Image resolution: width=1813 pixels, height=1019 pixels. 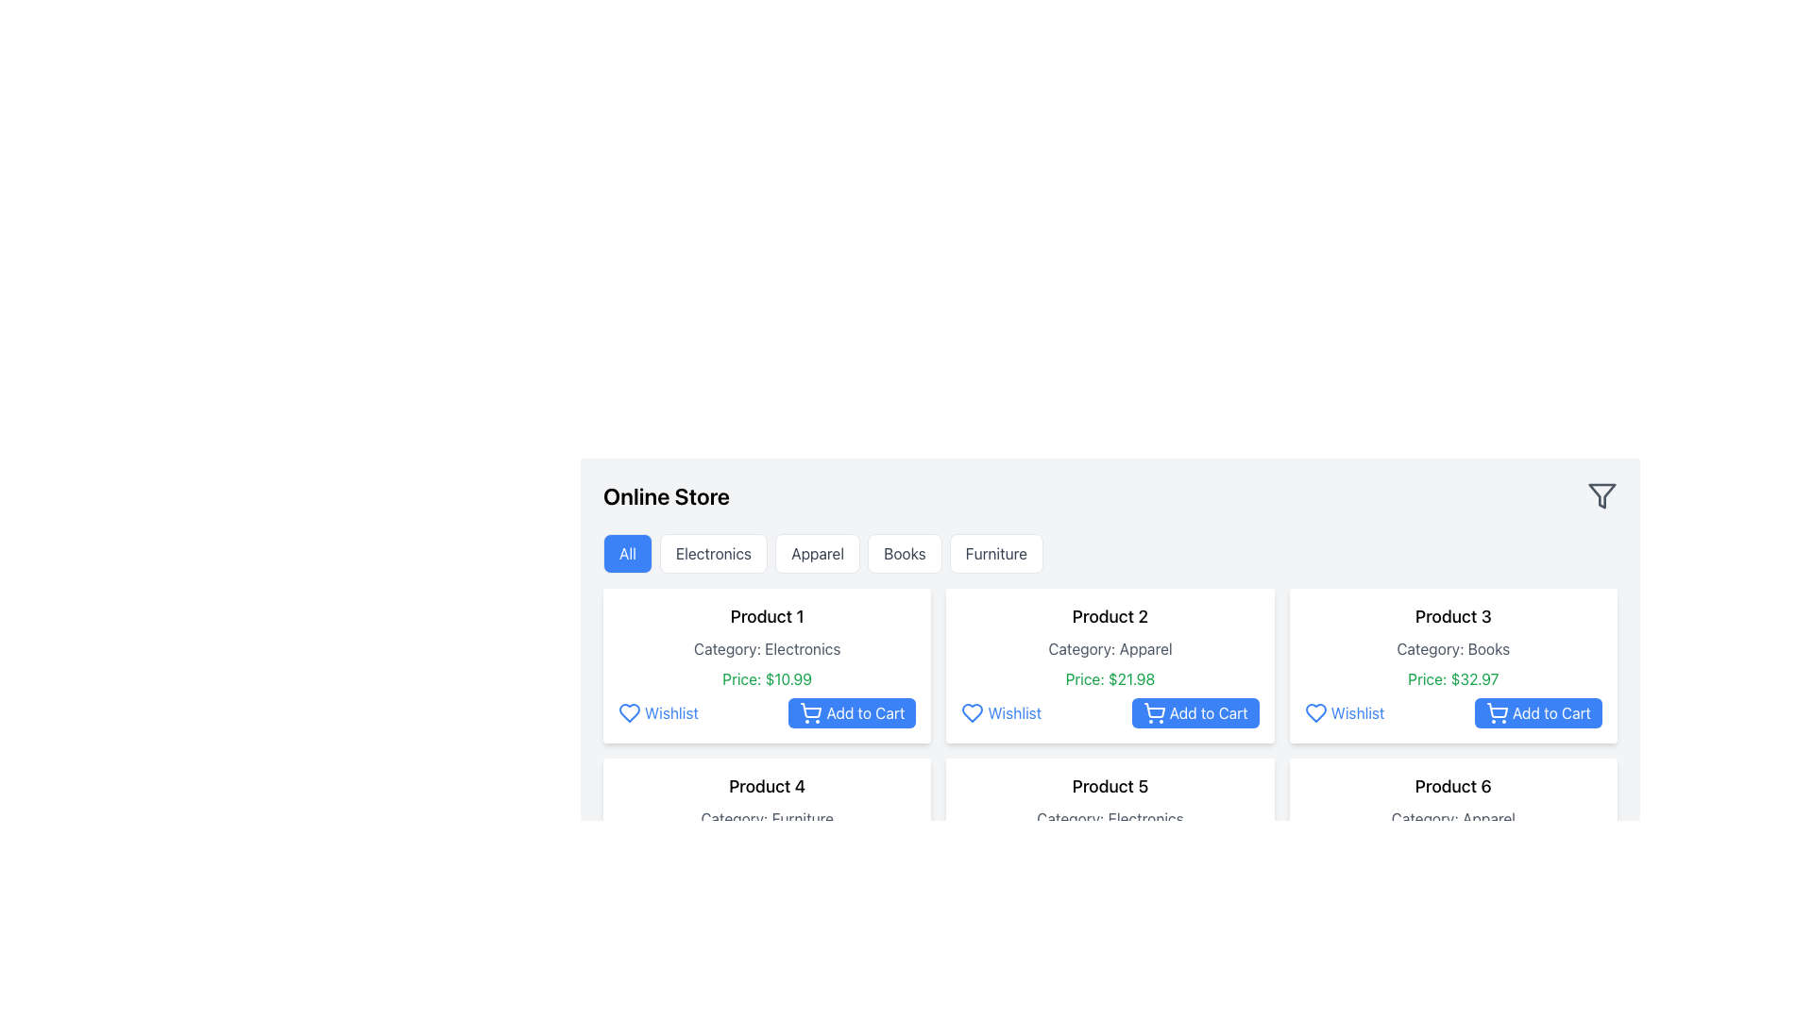 What do you see at coordinates (904, 552) in the screenshot?
I see `the button labeled 'Books', which is the fourth button in a horizontal list located in the top-center area of the 'Online Store' section` at bounding box center [904, 552].